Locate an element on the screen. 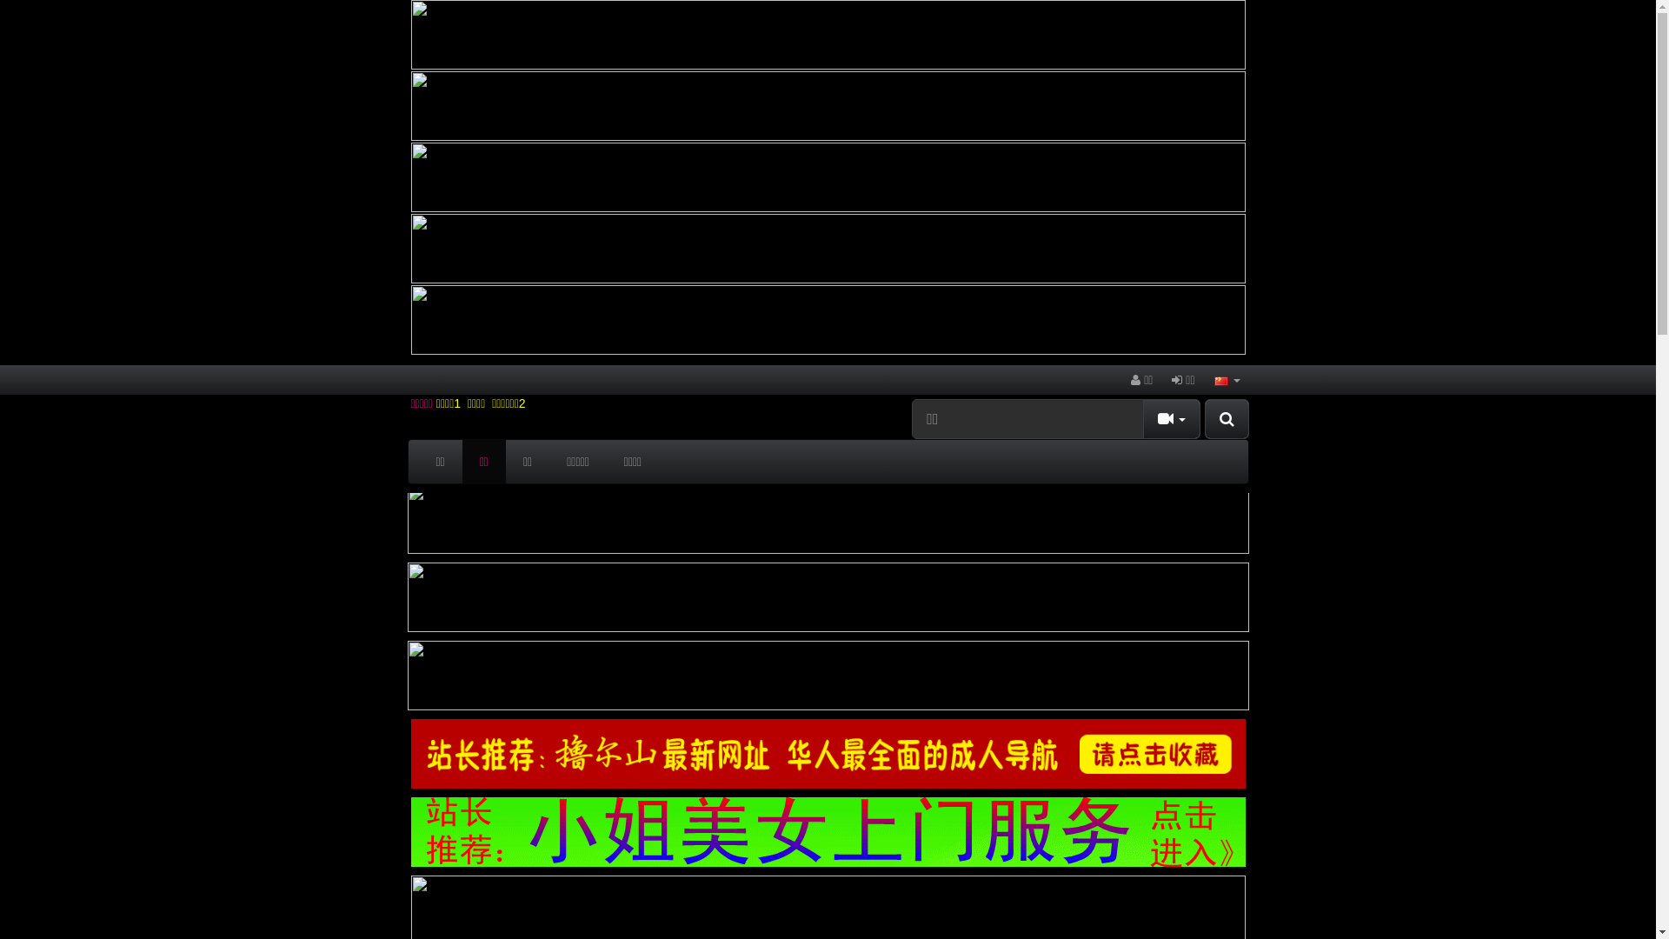 The width and height of the screenshot is (1669, 939). 'Toggle Dropdown' is located at coordinates (1171, 419).